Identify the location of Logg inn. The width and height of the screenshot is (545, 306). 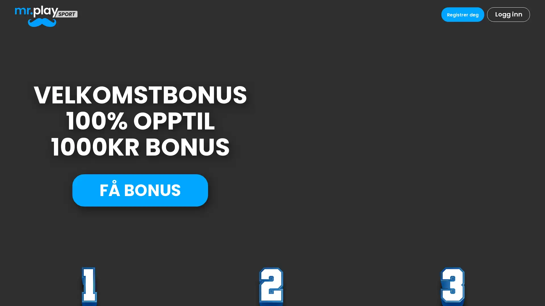
(508, 14).